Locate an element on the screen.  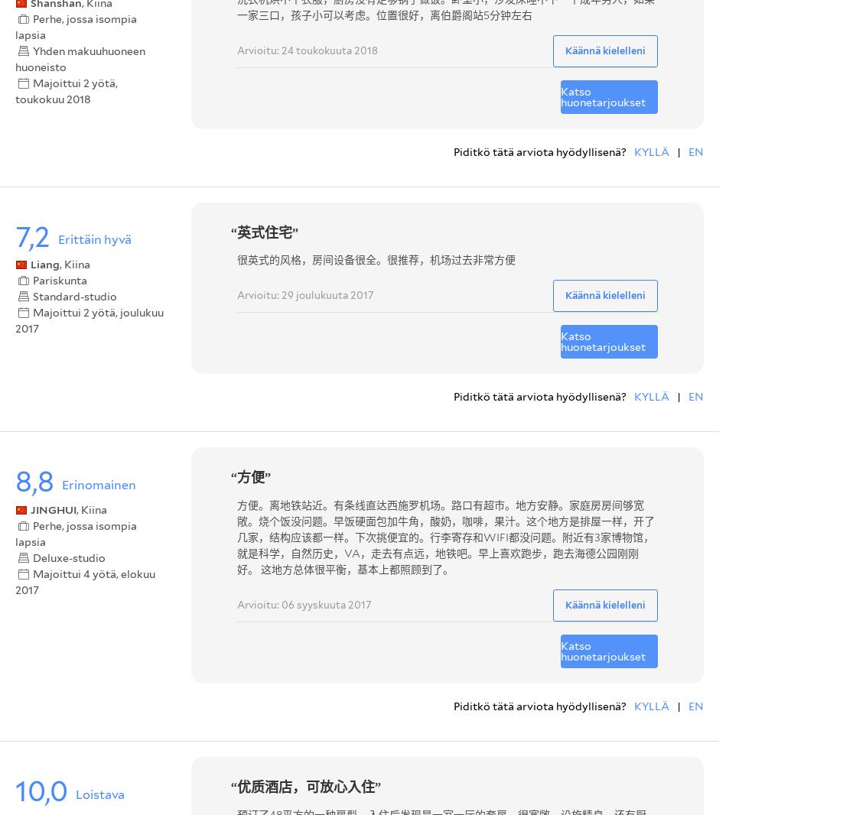
'Pariskunta' is located at coordinates (60, 281).